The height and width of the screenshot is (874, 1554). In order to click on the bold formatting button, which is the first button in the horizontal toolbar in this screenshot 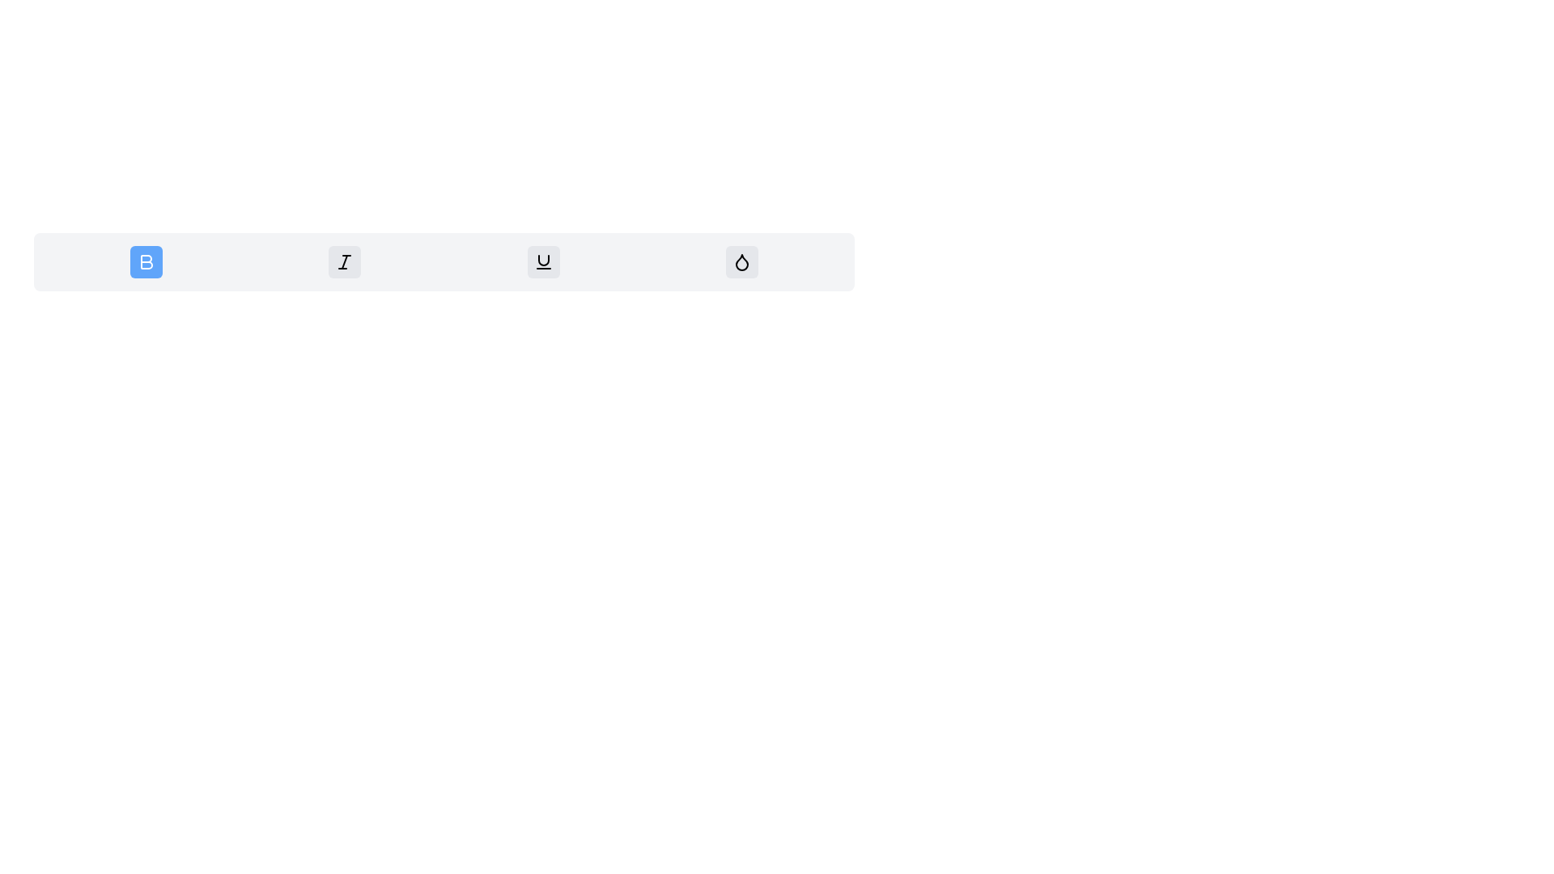, I will do `click(146, 261)`.